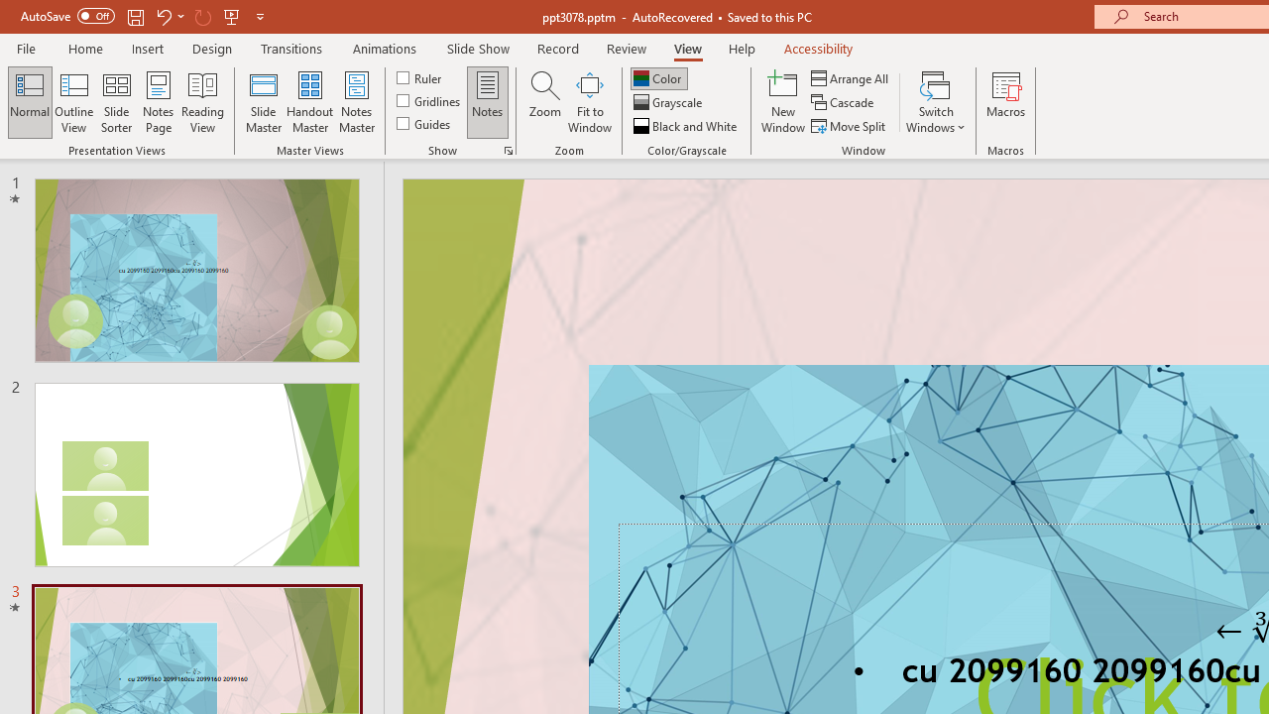 The width and height of the screenshot is (1269, 714). I want to click on 'Outline View', so click(73, 102).